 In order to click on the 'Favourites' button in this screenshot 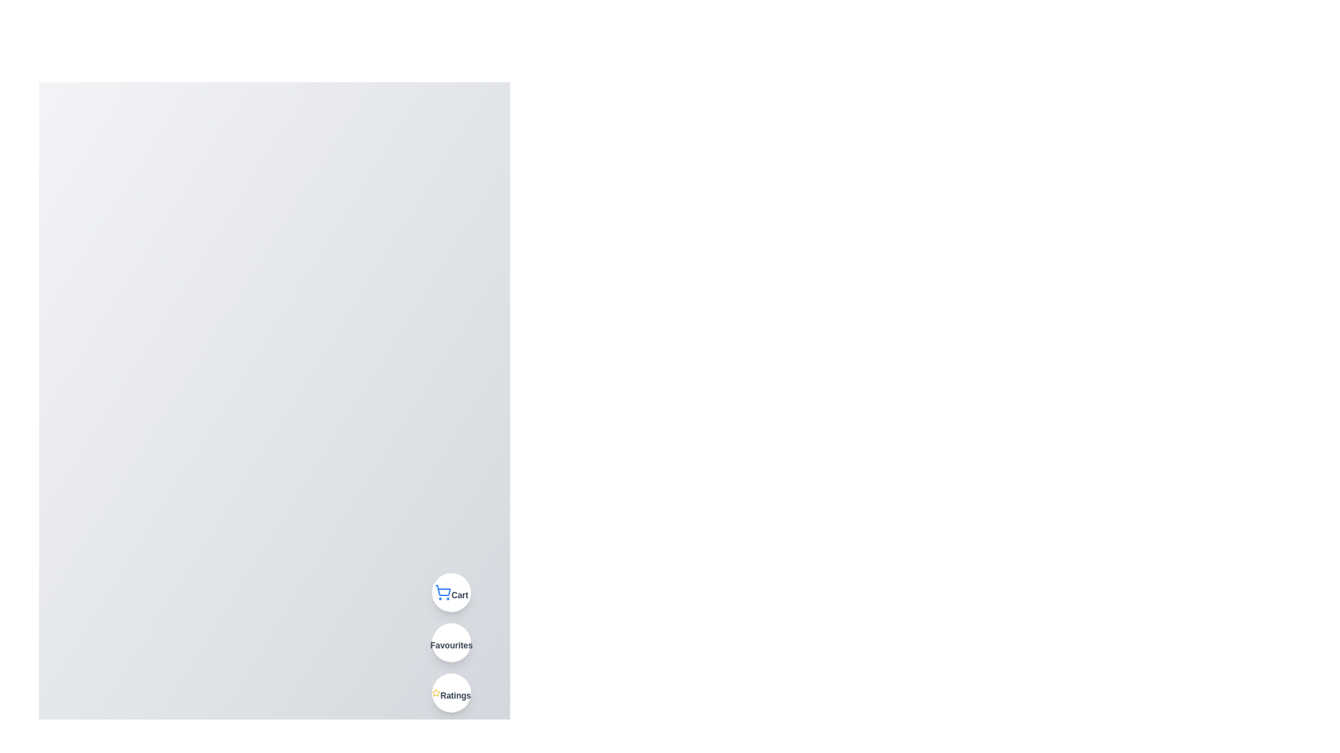, I will do `click(452, 642)`.